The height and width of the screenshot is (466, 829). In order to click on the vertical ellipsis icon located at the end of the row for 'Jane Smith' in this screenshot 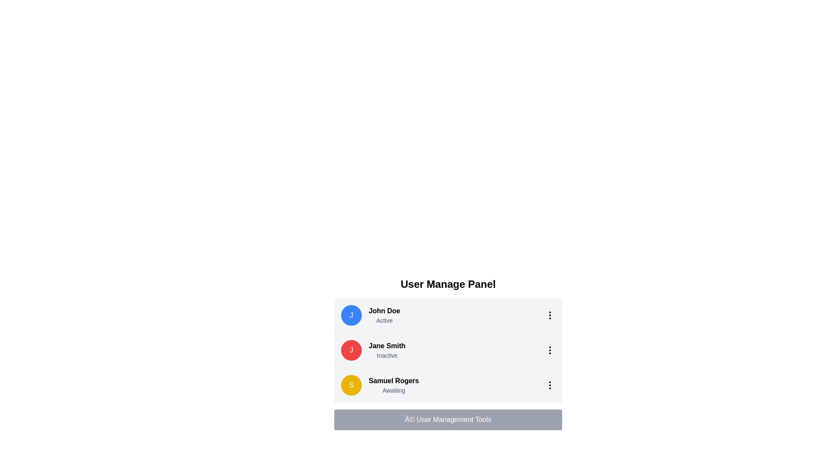, I will do `click(549, 350)`.